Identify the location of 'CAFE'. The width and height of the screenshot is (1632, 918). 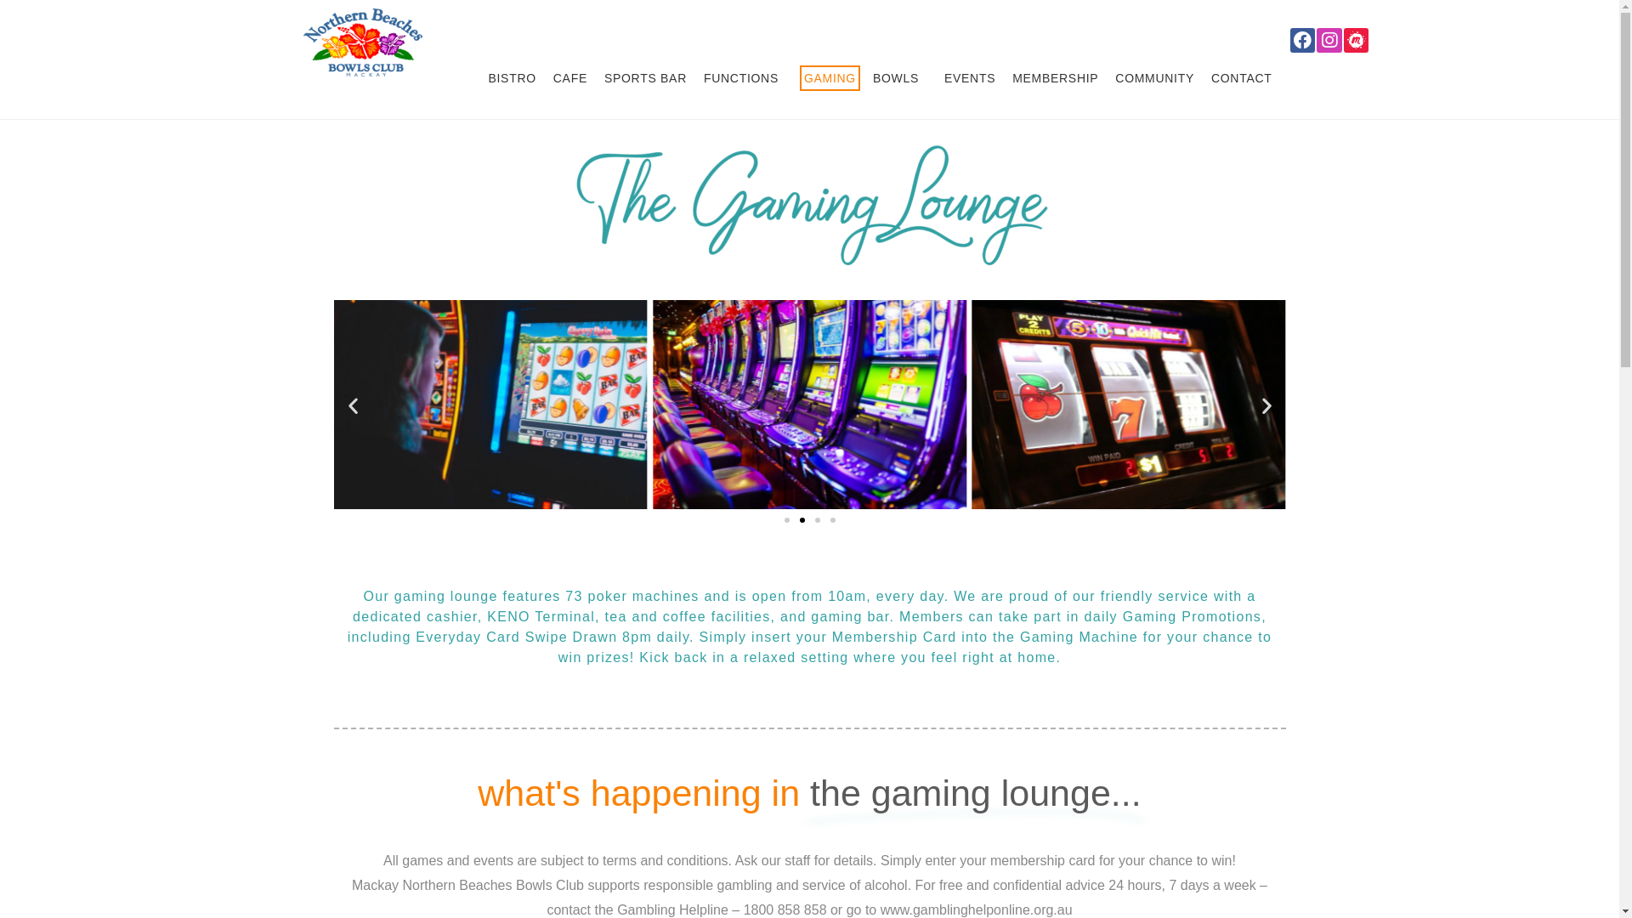
(570, 78).